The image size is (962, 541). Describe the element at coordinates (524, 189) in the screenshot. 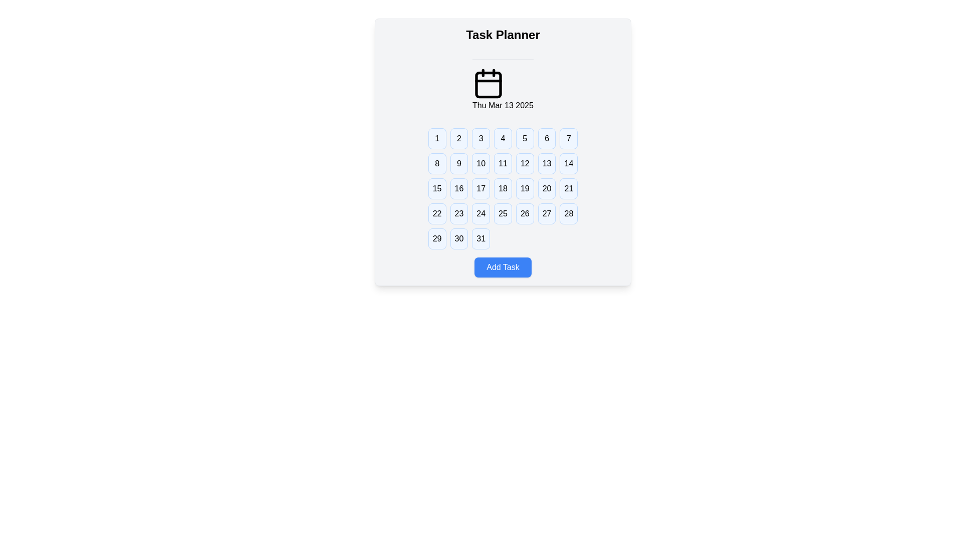

I see `the button-like grid cell displaying the number '19' which is located in the third row and fifth column of the calendar grid` at that location.